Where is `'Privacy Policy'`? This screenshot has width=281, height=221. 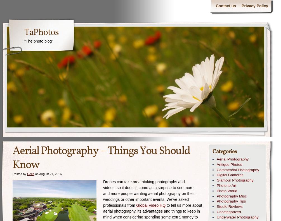
'Privacy Policy' is located at coordinates (254, 5).